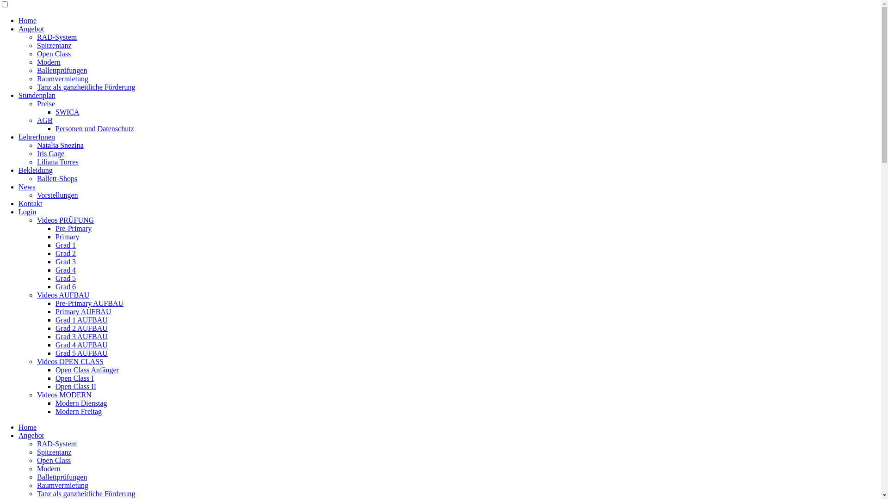  What do you see at coordinates (35, 170) in the screenshot?
I see `'Bekleidung'` at bounding box center [35, 170].